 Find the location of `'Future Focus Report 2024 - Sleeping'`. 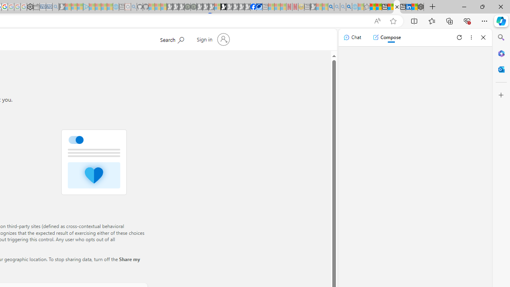

'Future Focus Report 2024 - Sleeping' is located at coordinates (193, 7).